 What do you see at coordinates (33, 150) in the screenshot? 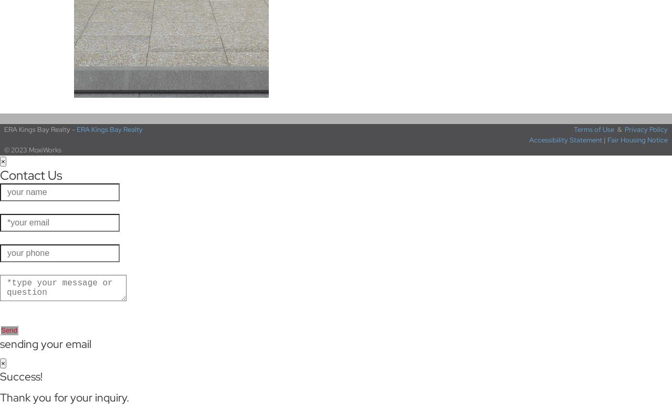
I see `'© 2023 MoxiWorks'` at bounding box center [33, 150].